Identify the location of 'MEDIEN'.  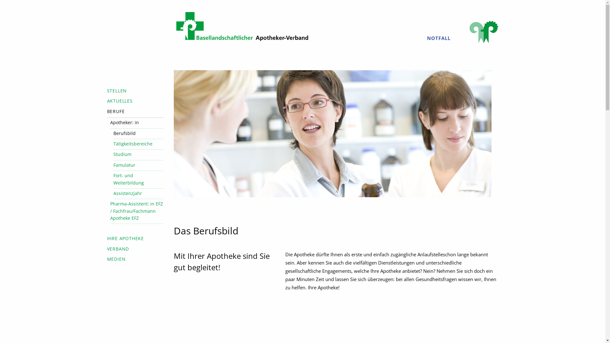
(107, 260).